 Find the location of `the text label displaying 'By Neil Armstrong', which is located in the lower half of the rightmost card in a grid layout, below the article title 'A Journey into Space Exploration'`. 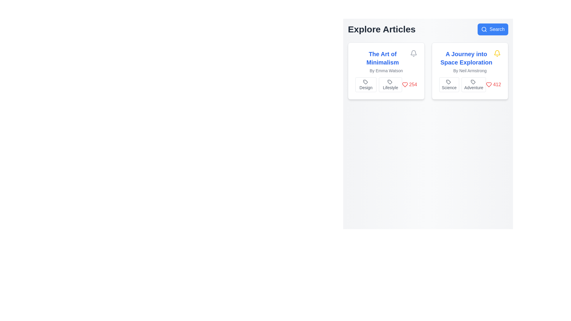

the text label displaying 'By Neil Armstrong', which is located in the lower half of the rightmost card in a grid layout, below the article title 'A Journey into Space Exploration' is located at coordinates (470, 70).